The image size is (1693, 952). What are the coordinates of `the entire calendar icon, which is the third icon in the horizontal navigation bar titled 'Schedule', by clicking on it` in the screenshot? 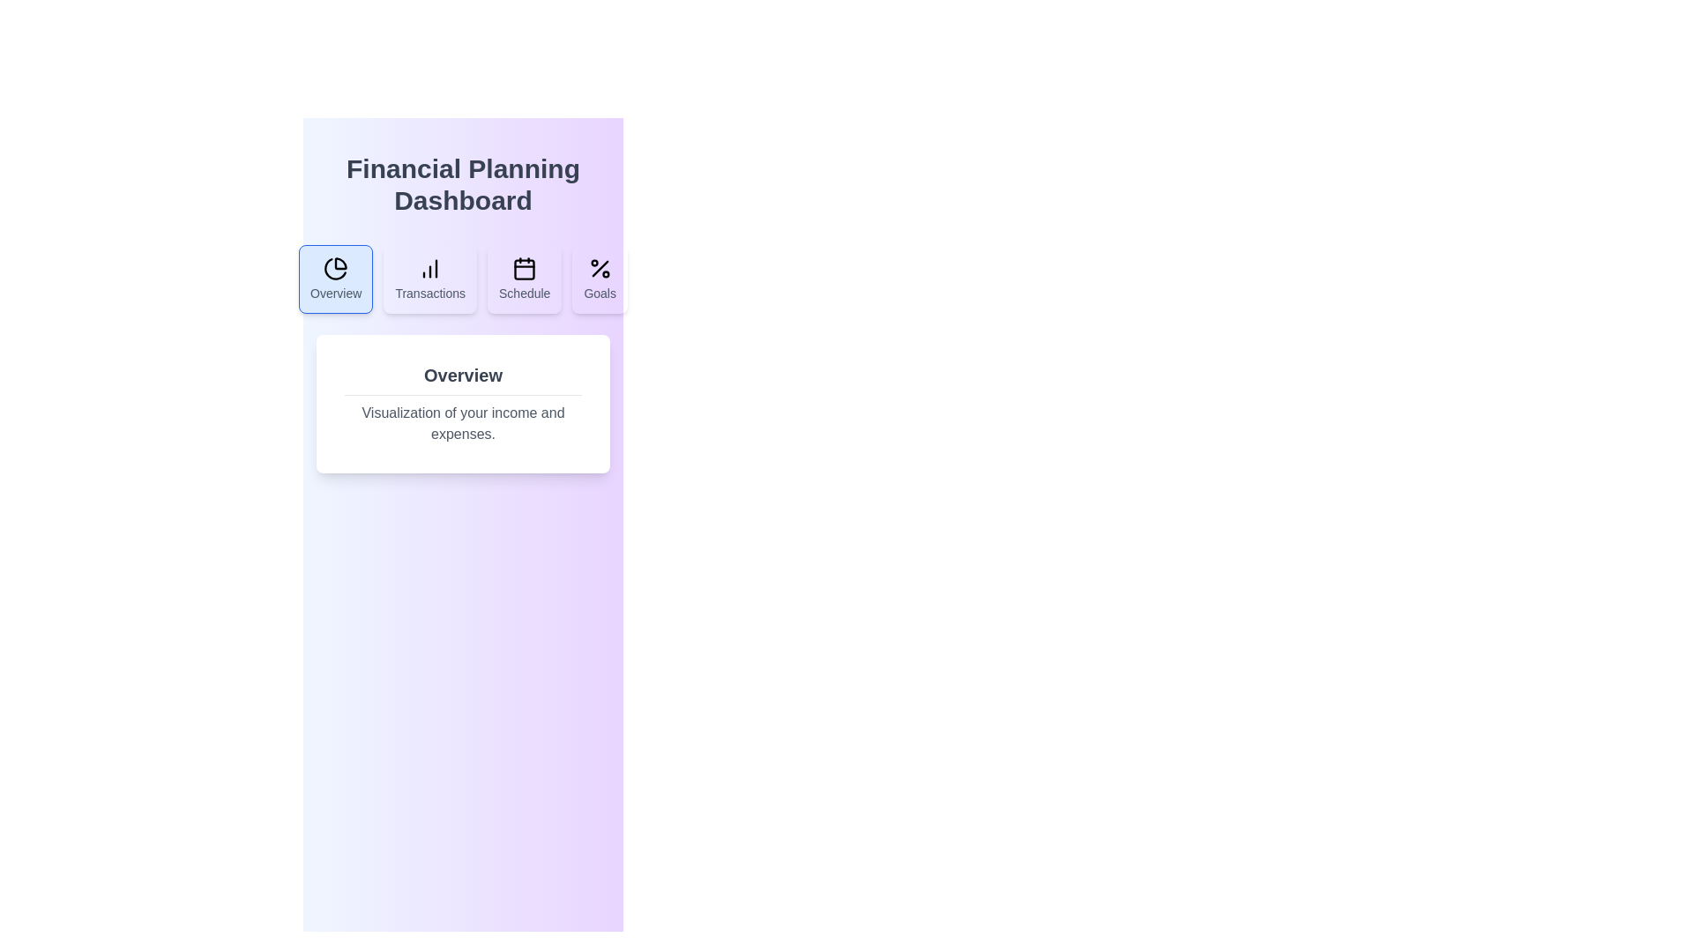 It's located at (524, 270).